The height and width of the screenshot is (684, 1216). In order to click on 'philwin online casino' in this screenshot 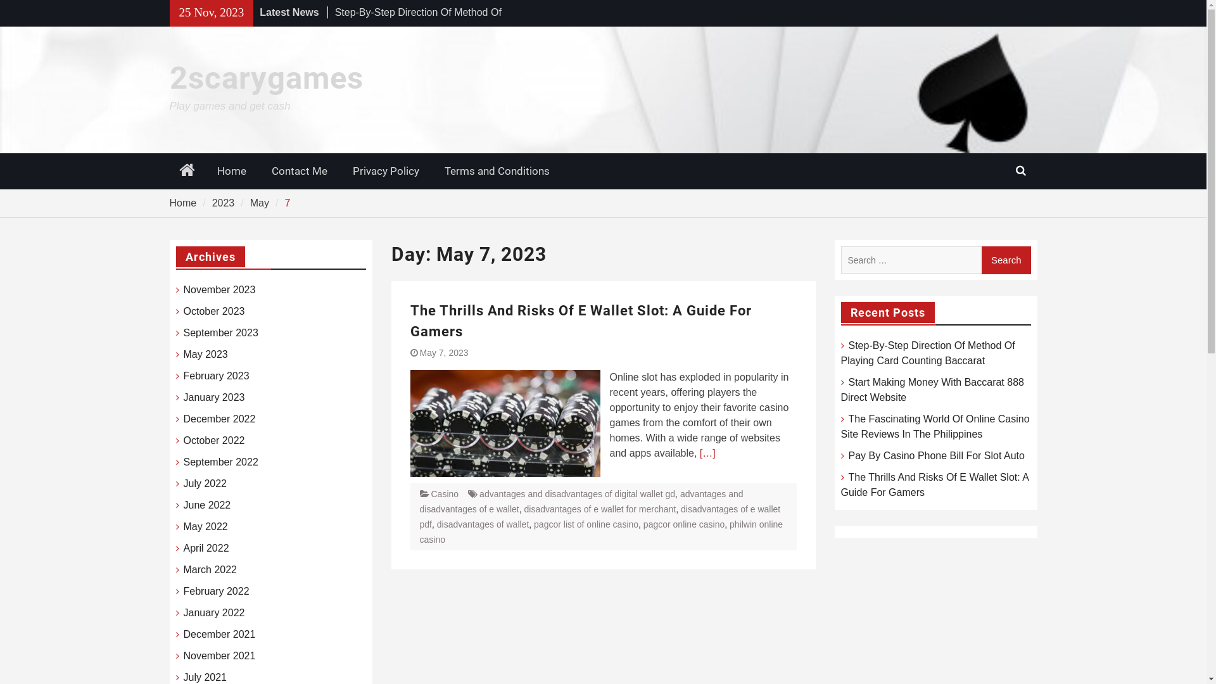, I will do `click(600, 532)`.